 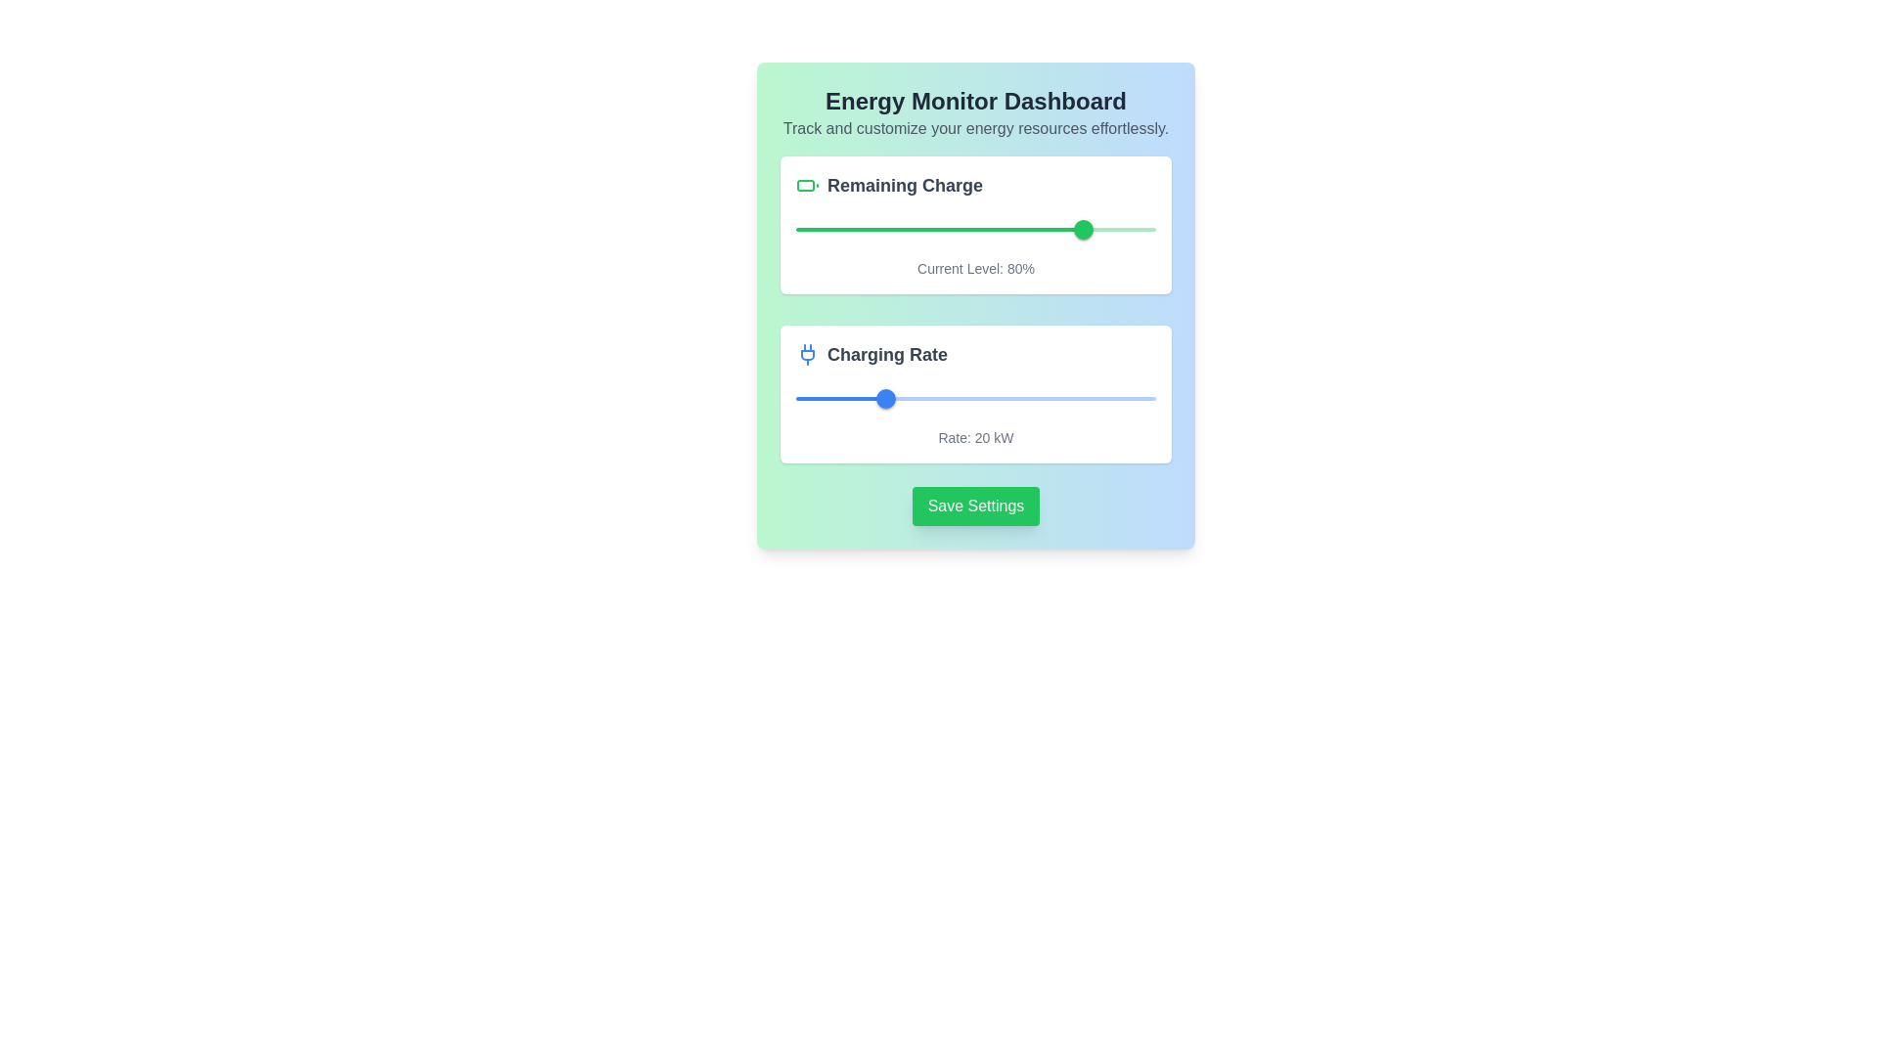 What do you see at coordinates (998, 229) in the screenshot?
I see `slider value` at bounding box center [998, 229].